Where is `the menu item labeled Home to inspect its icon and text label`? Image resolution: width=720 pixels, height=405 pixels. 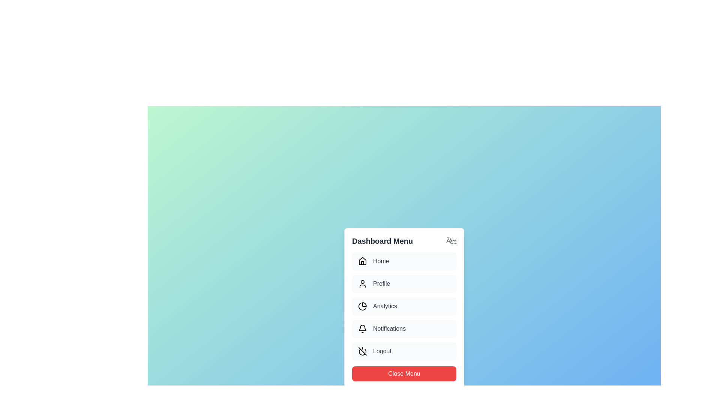 the menu item labeled Home to inspect its icon and text label is located at coordinates (404, 261).